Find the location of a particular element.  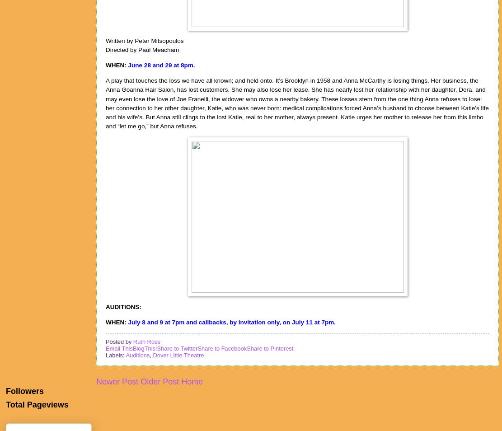

'Directed by Paul Meacham' is located at coordinates (141, 49).